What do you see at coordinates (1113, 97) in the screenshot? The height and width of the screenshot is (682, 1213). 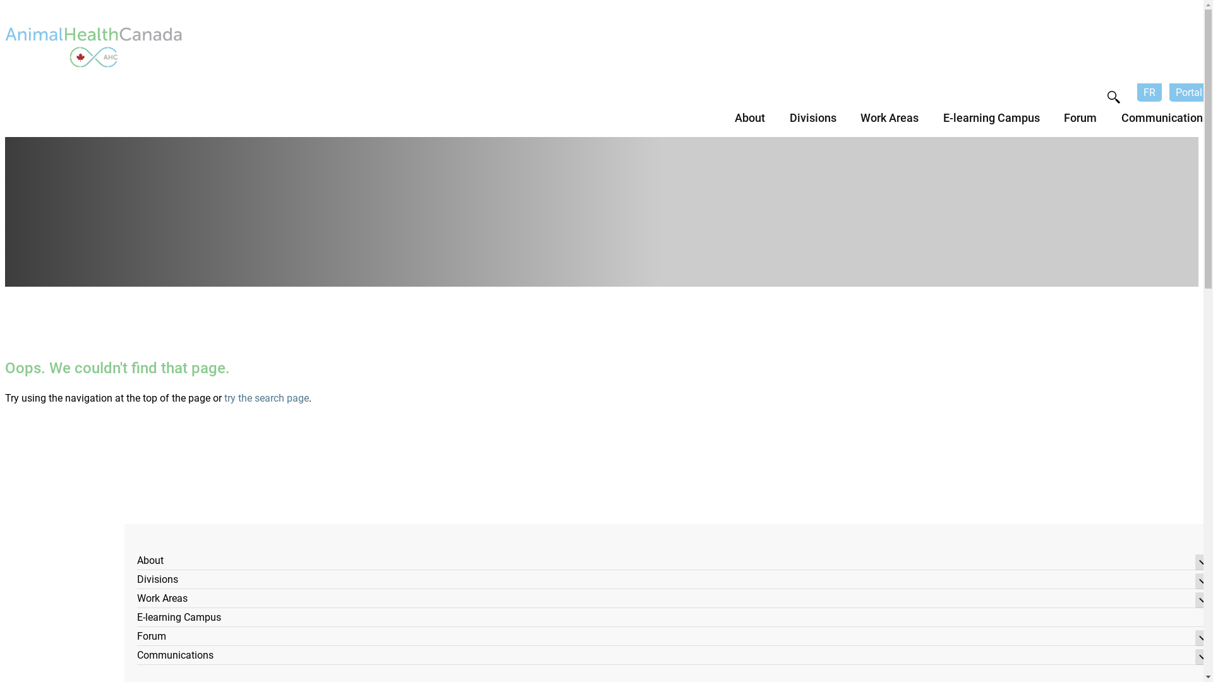 I see `'search'` at bounding box center [1113, 97].